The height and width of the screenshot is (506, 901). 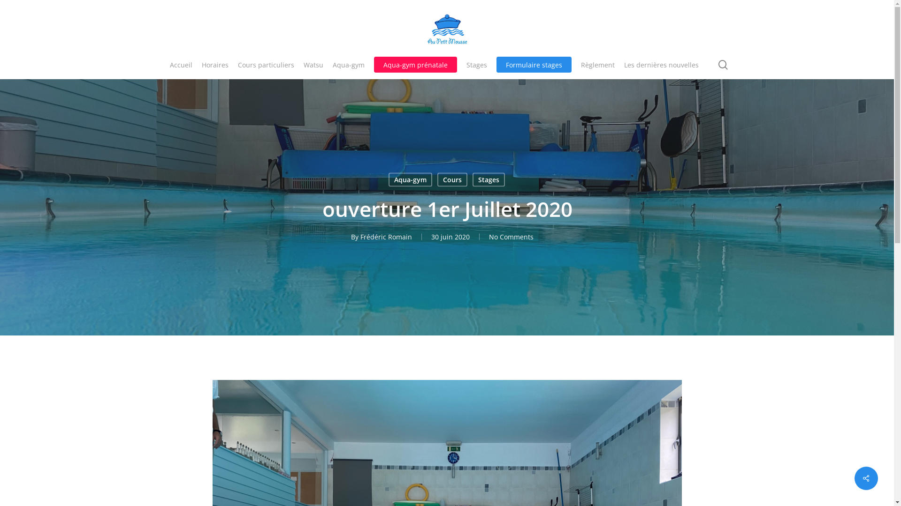 What do you see at coordinates (496, 64) in the screenshot?
I see `'Formulaire stages'` at bounding box center [496, 64].